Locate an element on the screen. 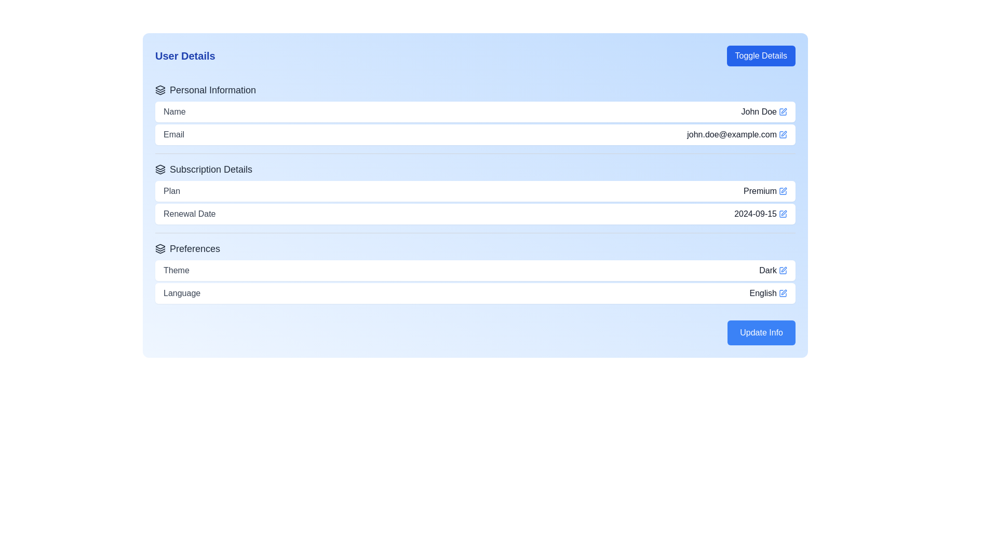 The height and width of the screenshot is (560, 997). the 'Plan' text label located in the 'Subscription Details' section, which precedes the text 'Premium' is located at coordinates (172, 191).